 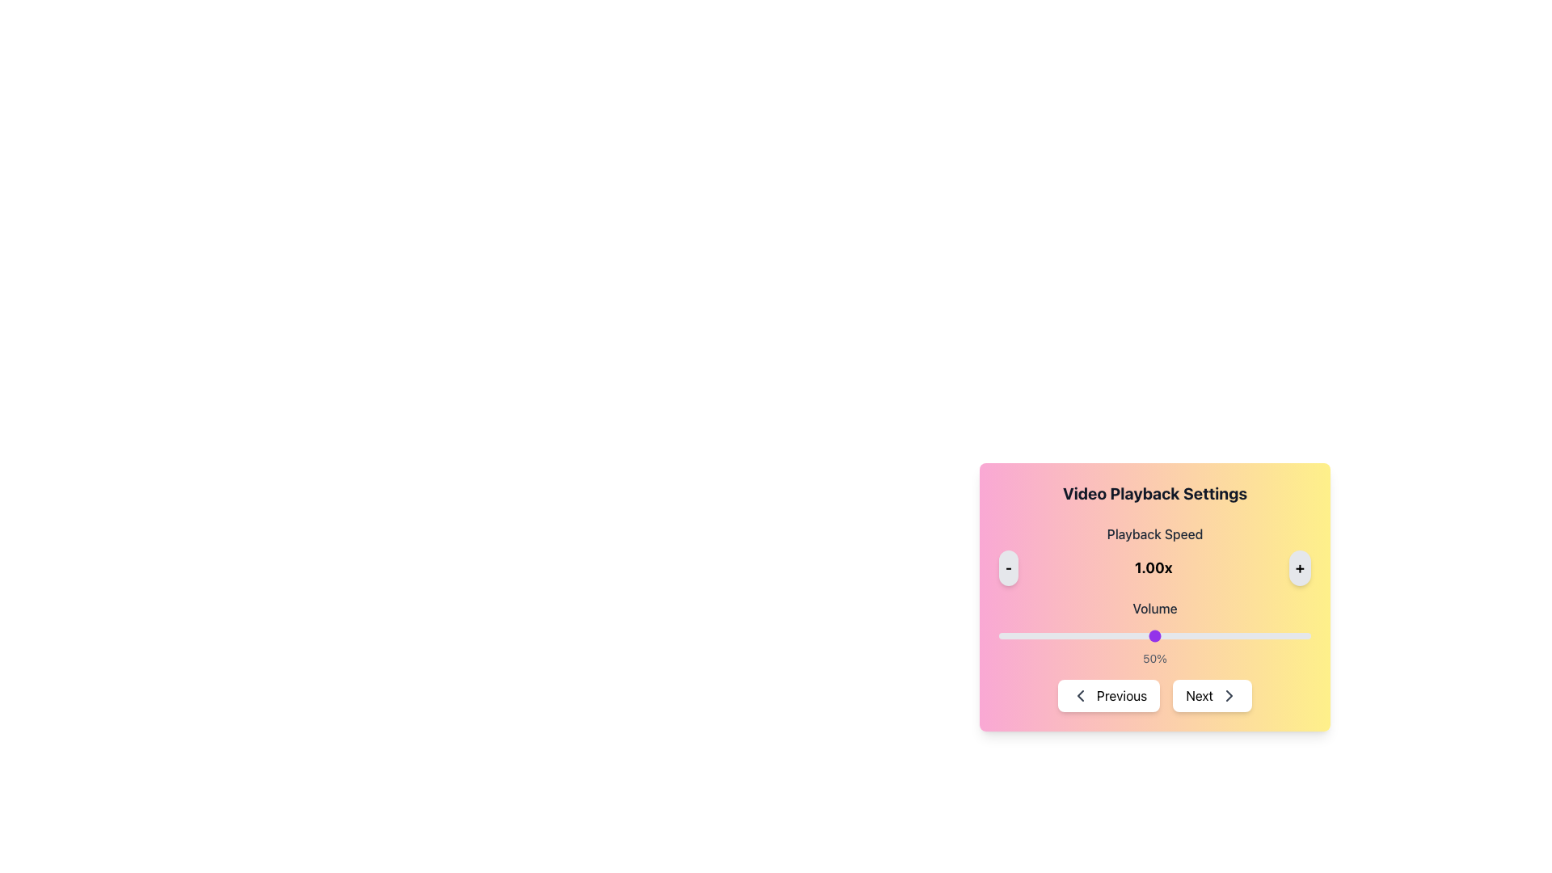 What do you see at coordinates (1153, 567) in the screenshot?
I see `the static text label that indicates the current playback speed of a video, located centrally in the 'Playback Speed' section of the 'Video Playback Settings' dialog box` at bounding box center [1153, 567].